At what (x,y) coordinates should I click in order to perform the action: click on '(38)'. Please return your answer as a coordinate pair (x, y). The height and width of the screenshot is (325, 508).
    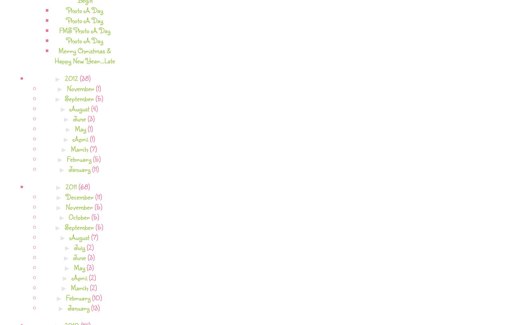
    Looking at the image, I should click on (85, 78).